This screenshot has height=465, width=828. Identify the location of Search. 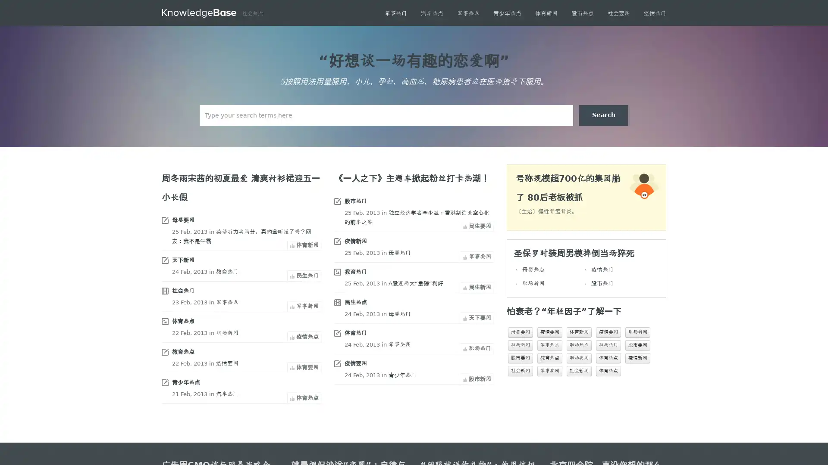
(603, 115).